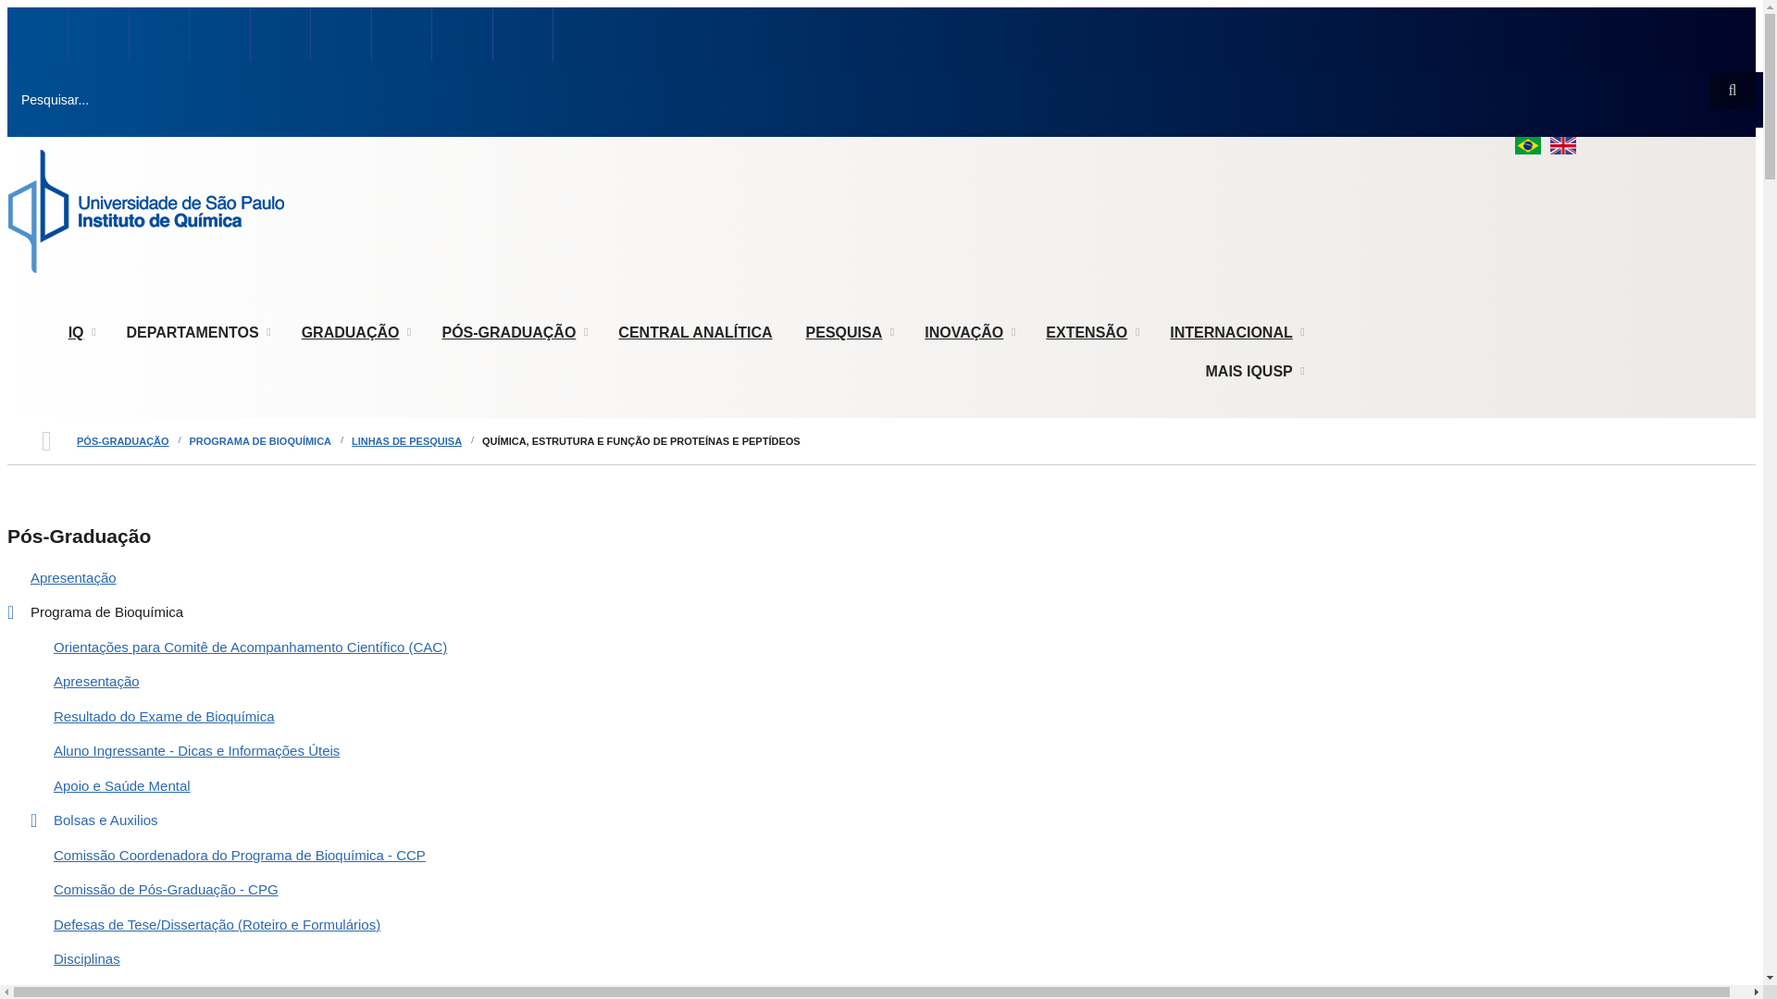 This screenshot has height=999, width=1777. I want to click on 'IQ', so click(80, 331).